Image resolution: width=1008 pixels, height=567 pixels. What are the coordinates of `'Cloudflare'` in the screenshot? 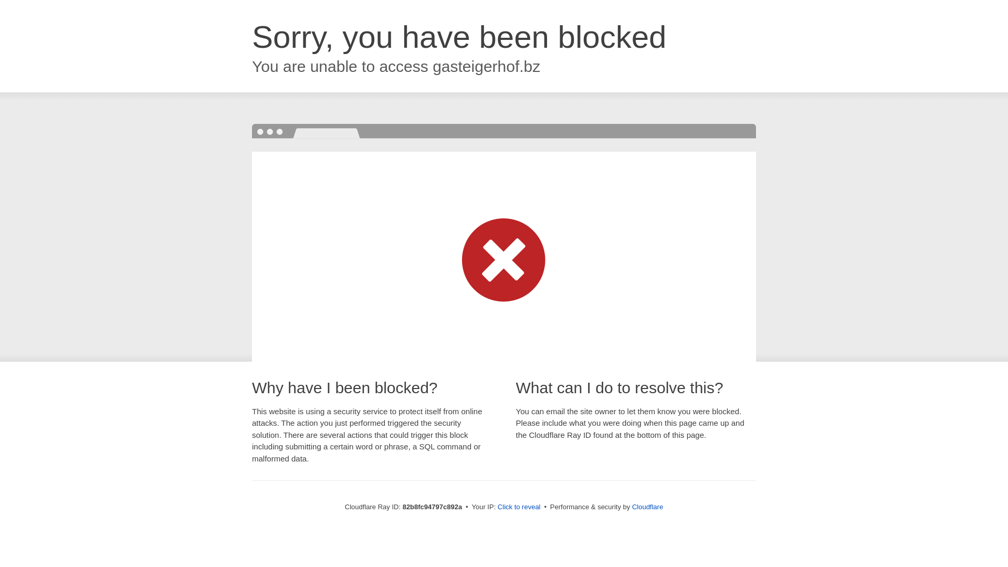 It's located at (647, 506).